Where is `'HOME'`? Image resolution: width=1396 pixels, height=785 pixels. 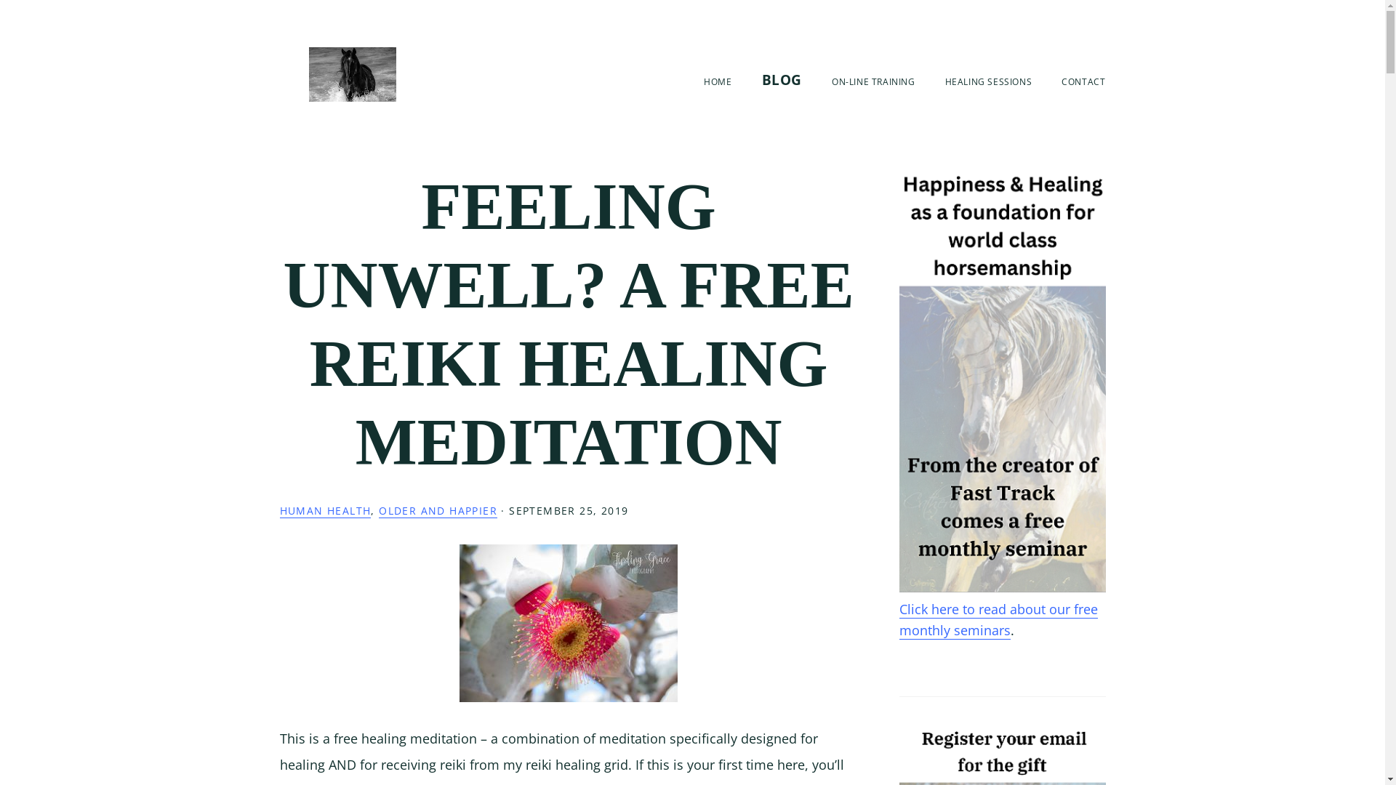 'HOME' is located at coordinates (718, 81).